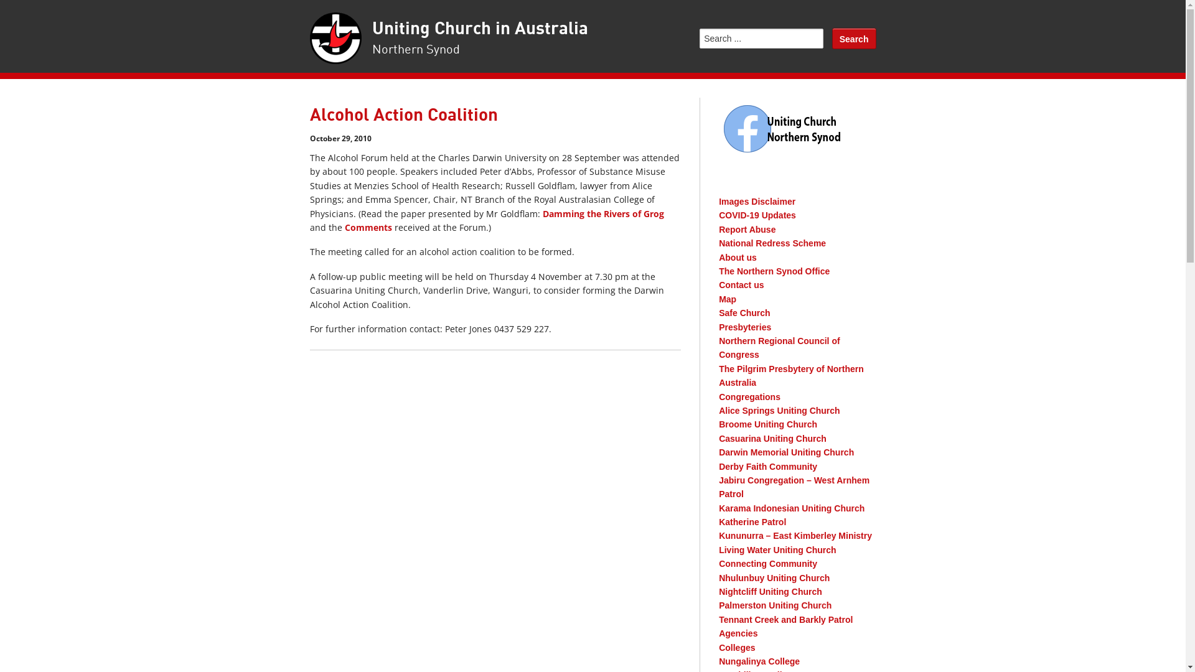  I want to click on 'Palmerston Uniting Church', so click(774, 604).